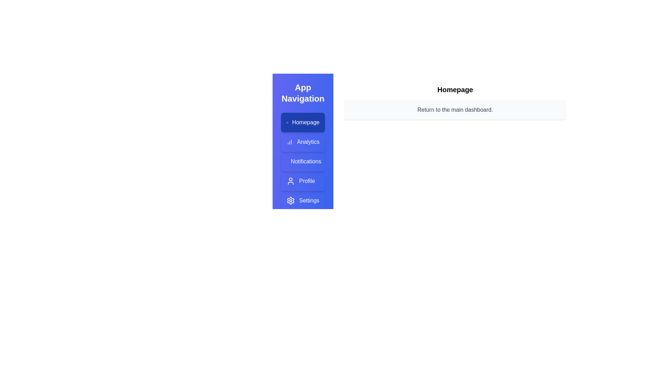  What do you see at coordinates (290, 200) in the screenshot?
I see `the settings menu icon located at the last position of the navigation menu on the left side of the interface` at bounding box center [290, 200].